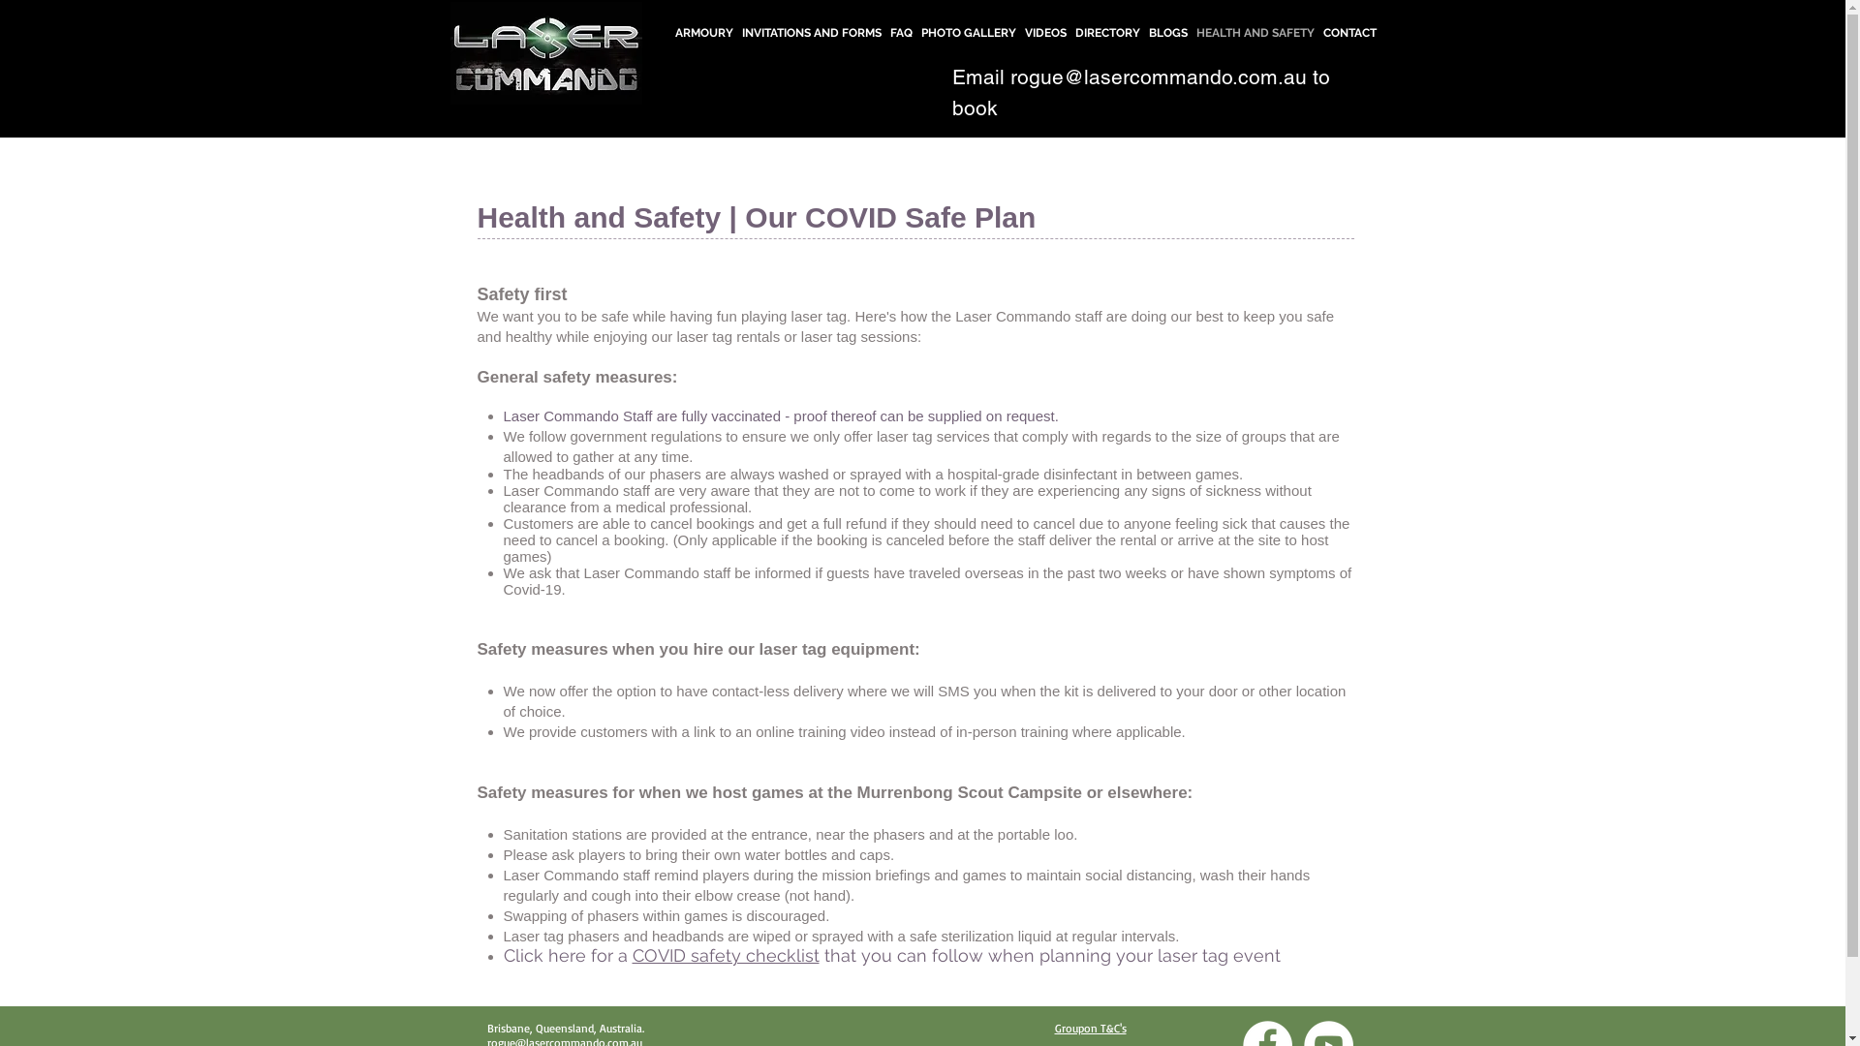 The image size is (1860, 1046). Describe the element at coordinates (1348, 33) in the screenshot. I see `'CONTACT'` at that location.